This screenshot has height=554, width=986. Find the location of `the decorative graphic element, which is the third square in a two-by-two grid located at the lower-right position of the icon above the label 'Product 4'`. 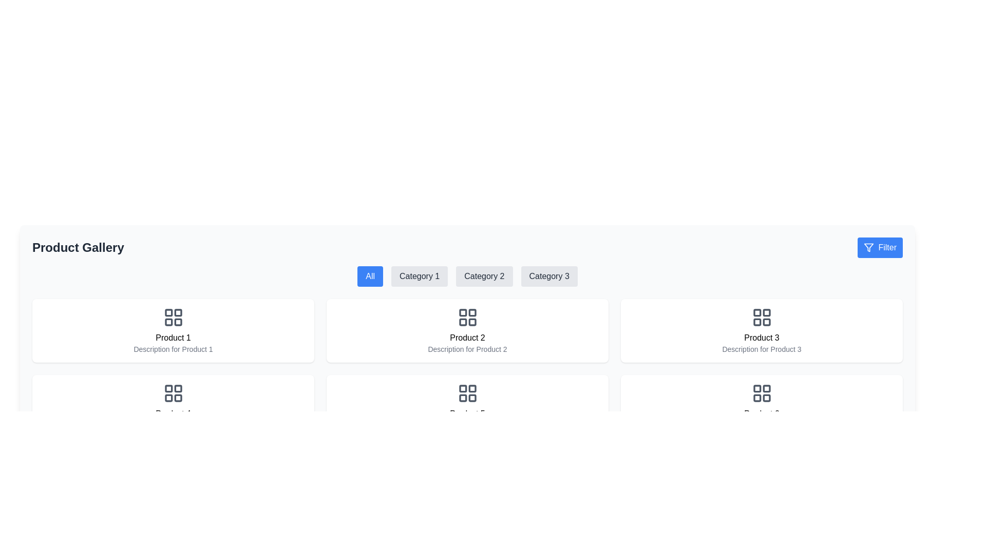

the decorative graphic element, which is the third square in a two-by-two grid located at the lower-right position of the icon above the label 'Product 4' is located at coordinates (766, 398).